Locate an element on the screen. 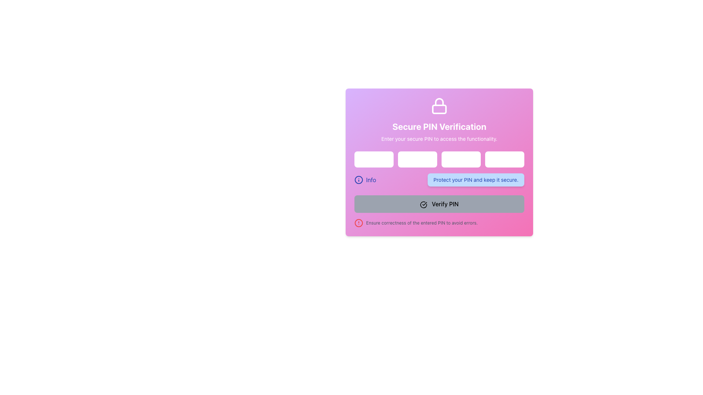 This screenshot has width=703, height=395. the 'Info' button with blue text and an info symbol located is located at coordinates (365, 180).